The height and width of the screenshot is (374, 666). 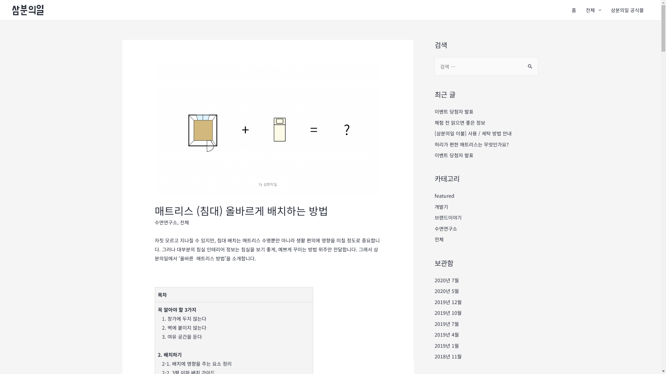 What do you see at coordinates (444, 195) in the screenshot?
I see `'featured'` at bounding box center [444, 195].